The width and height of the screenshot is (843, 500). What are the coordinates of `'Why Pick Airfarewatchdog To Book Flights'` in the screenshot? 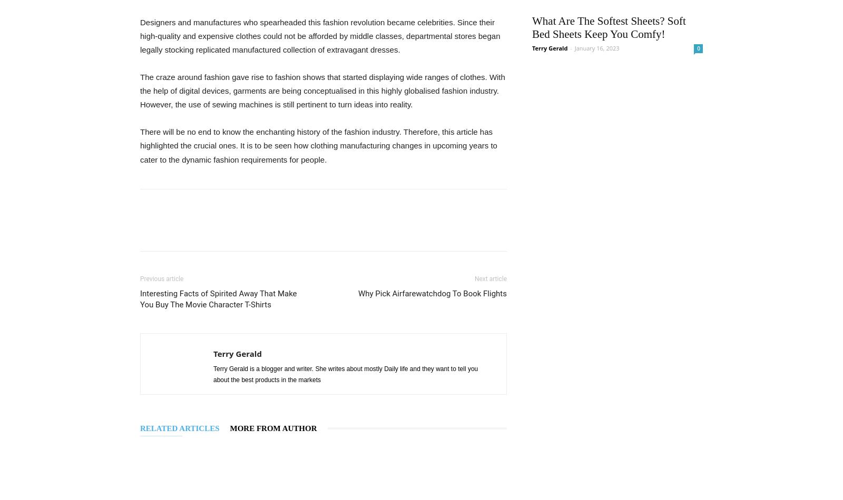 It's located at (432, 293).